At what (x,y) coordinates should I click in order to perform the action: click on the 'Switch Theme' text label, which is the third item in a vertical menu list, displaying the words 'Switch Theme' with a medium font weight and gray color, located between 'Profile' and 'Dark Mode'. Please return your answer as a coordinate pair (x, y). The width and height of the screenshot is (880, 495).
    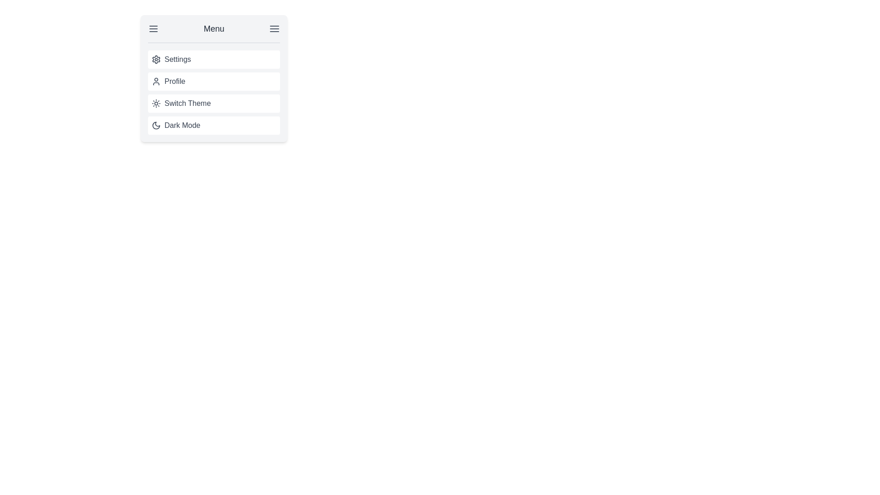
    Looking at the image, I should click on (187, 103).